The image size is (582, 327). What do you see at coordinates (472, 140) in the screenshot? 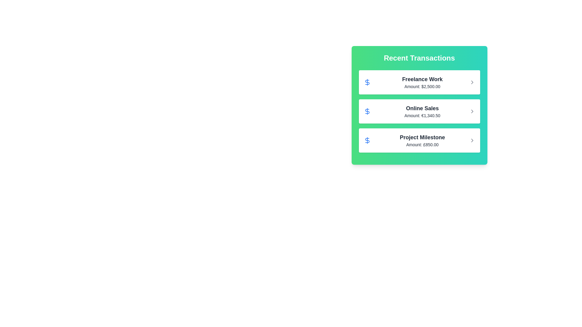
I see `the right-facing gray chevron icon located at the far right of the 'Project Milestone' item` at bounding box center [472, 140].